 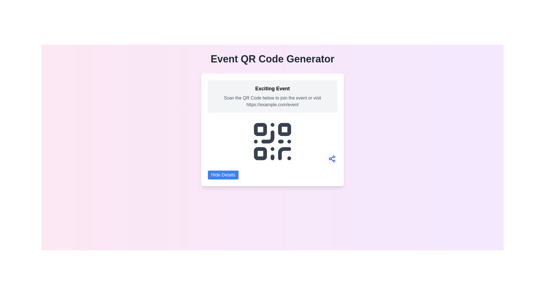 I want to click on the static text block that provides instructions and a URL for event information, located below the heading 'Exciting Event' and above a QR code image, so click(x=273, y=101).